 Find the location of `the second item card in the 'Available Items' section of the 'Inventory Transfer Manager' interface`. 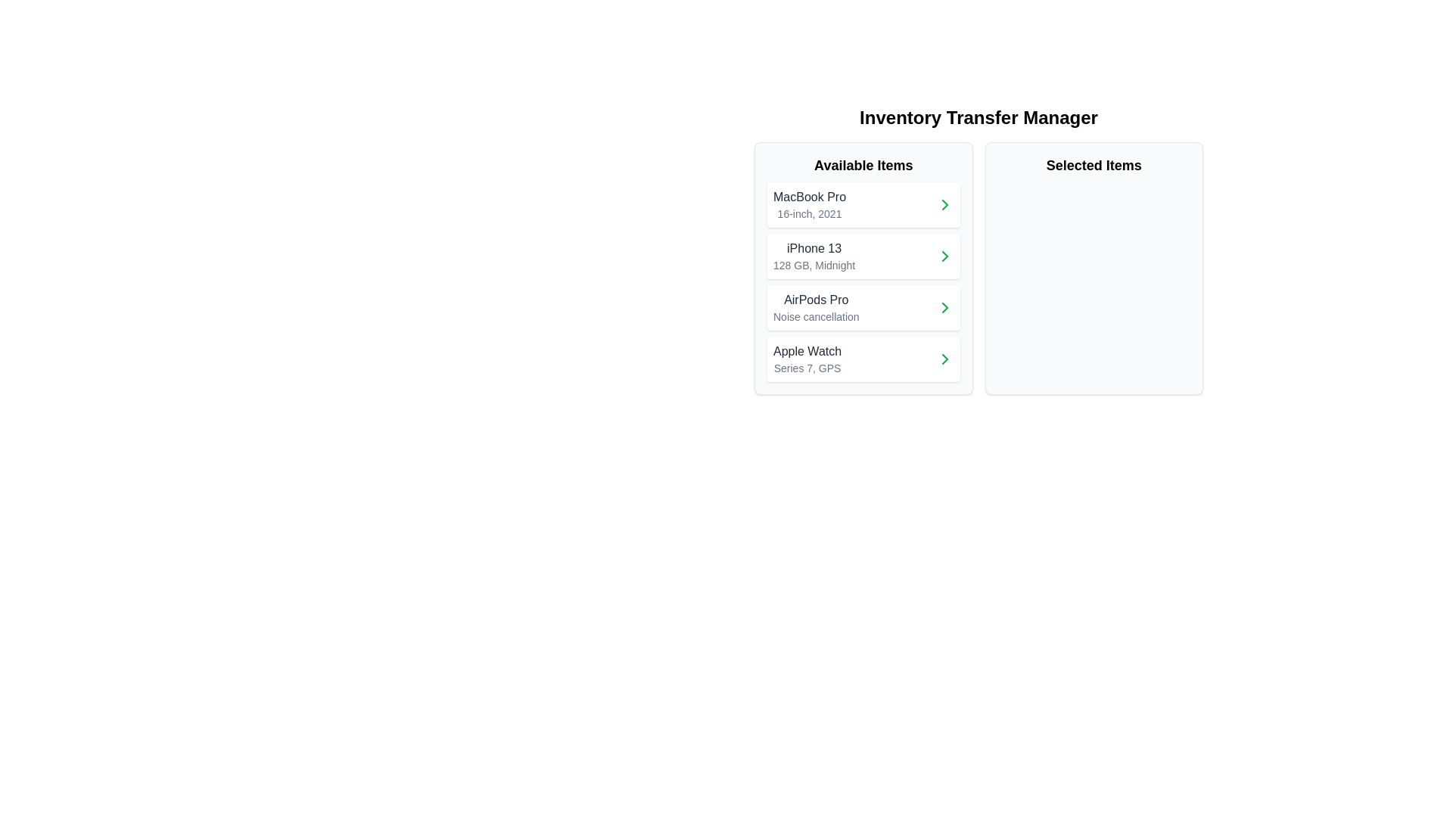

the second item card in the 'Available Items' section of the 'Inventory Transfer Manager' interface is located at coordinates (863, 256).